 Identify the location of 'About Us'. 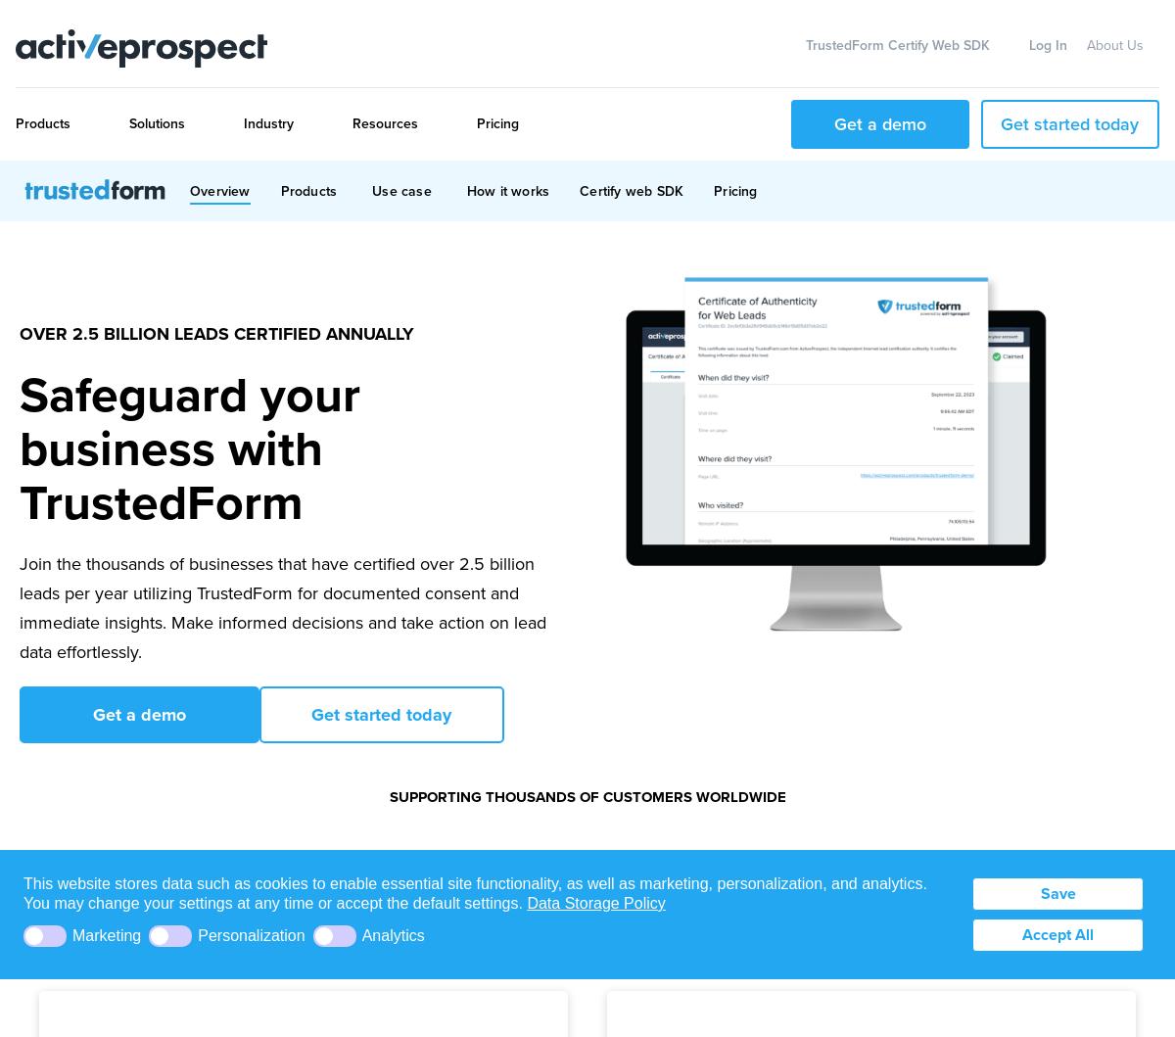
(1115, 45).